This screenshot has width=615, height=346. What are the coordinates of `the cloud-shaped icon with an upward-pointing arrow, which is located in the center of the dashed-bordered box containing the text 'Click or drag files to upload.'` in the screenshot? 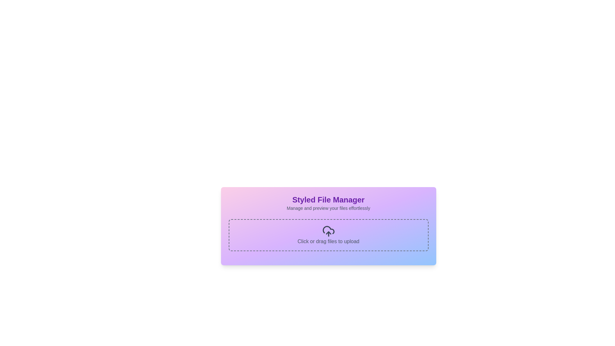 It's located at (328, 231).